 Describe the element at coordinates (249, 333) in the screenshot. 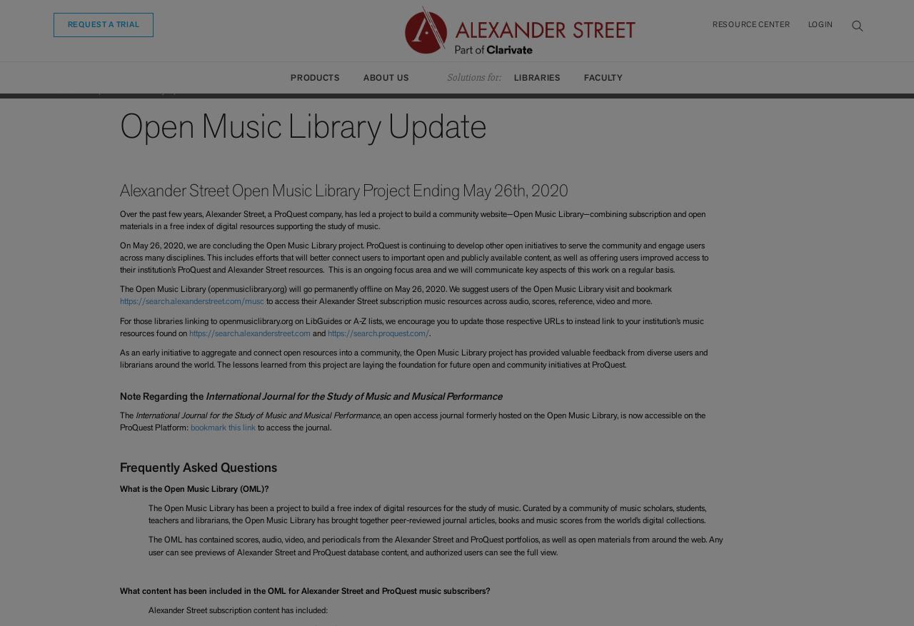

I see `'https://search.alexanderstreet.com'` at that location.